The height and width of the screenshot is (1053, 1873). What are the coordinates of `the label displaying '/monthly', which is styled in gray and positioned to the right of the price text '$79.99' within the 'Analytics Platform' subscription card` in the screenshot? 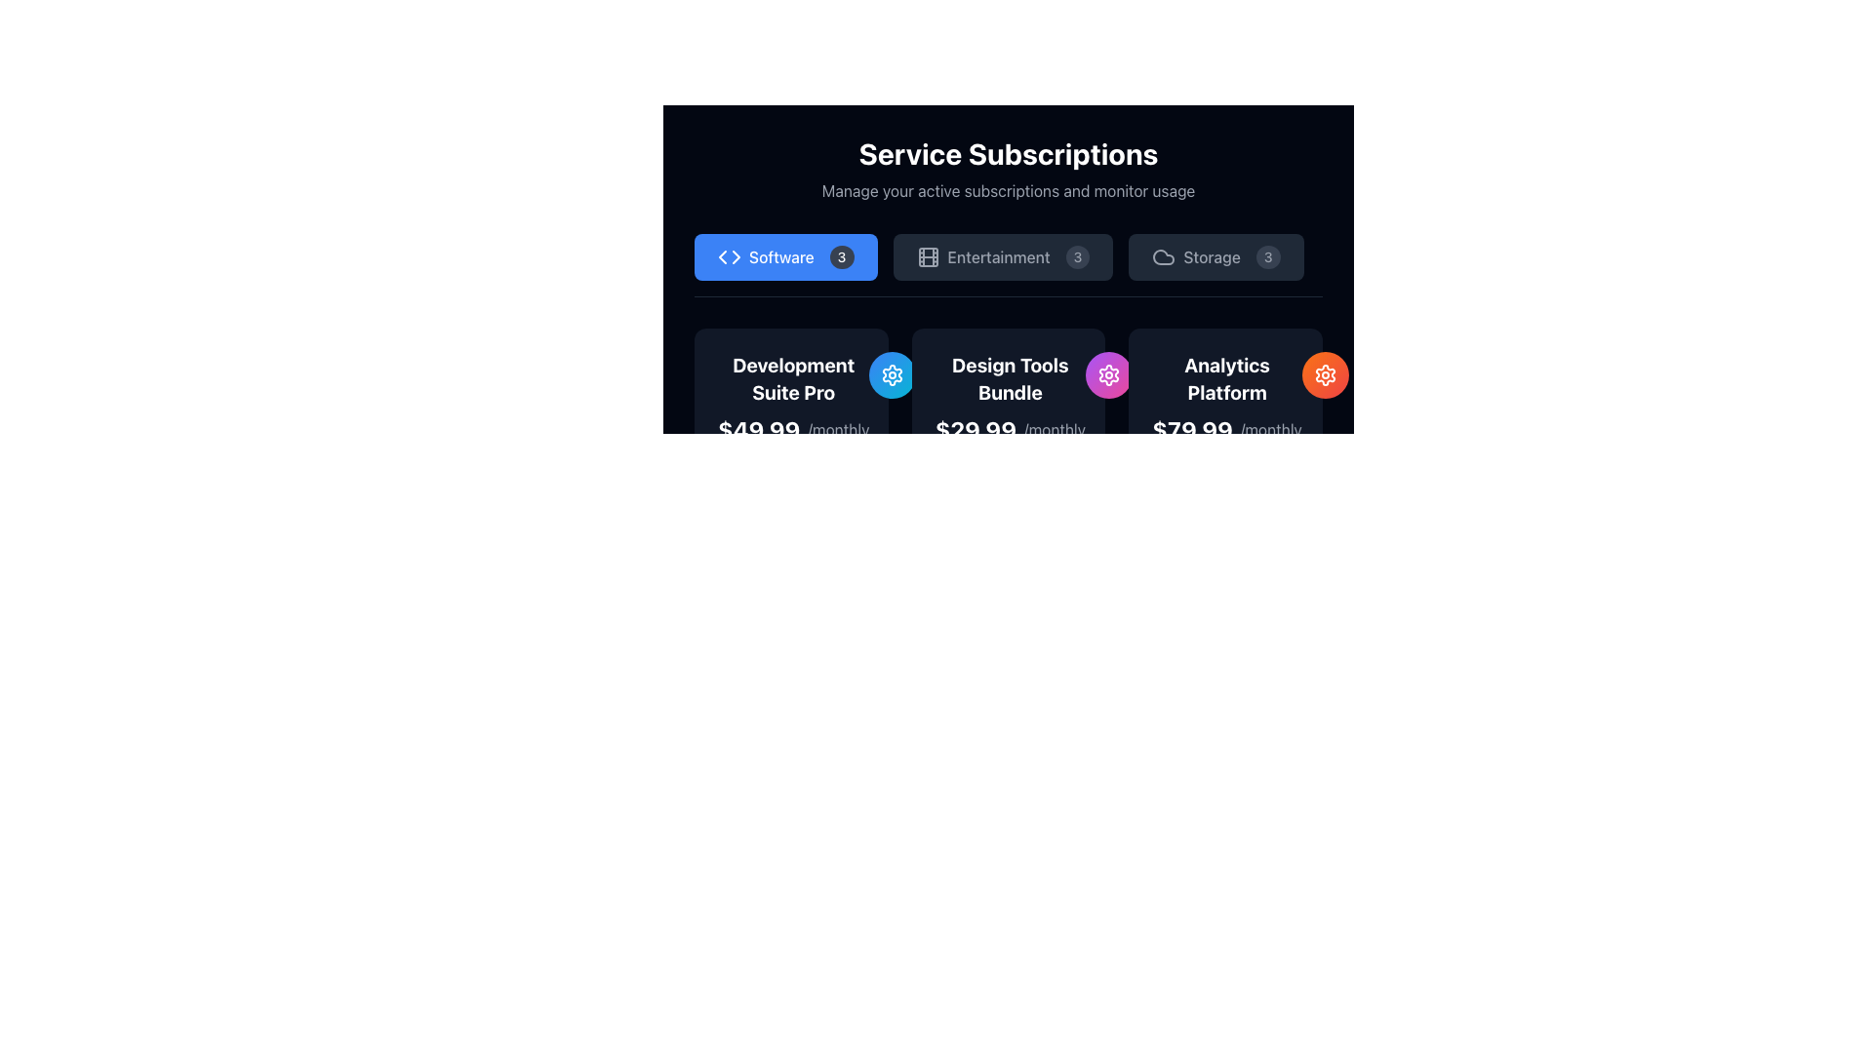 It's located at (1271, 428).